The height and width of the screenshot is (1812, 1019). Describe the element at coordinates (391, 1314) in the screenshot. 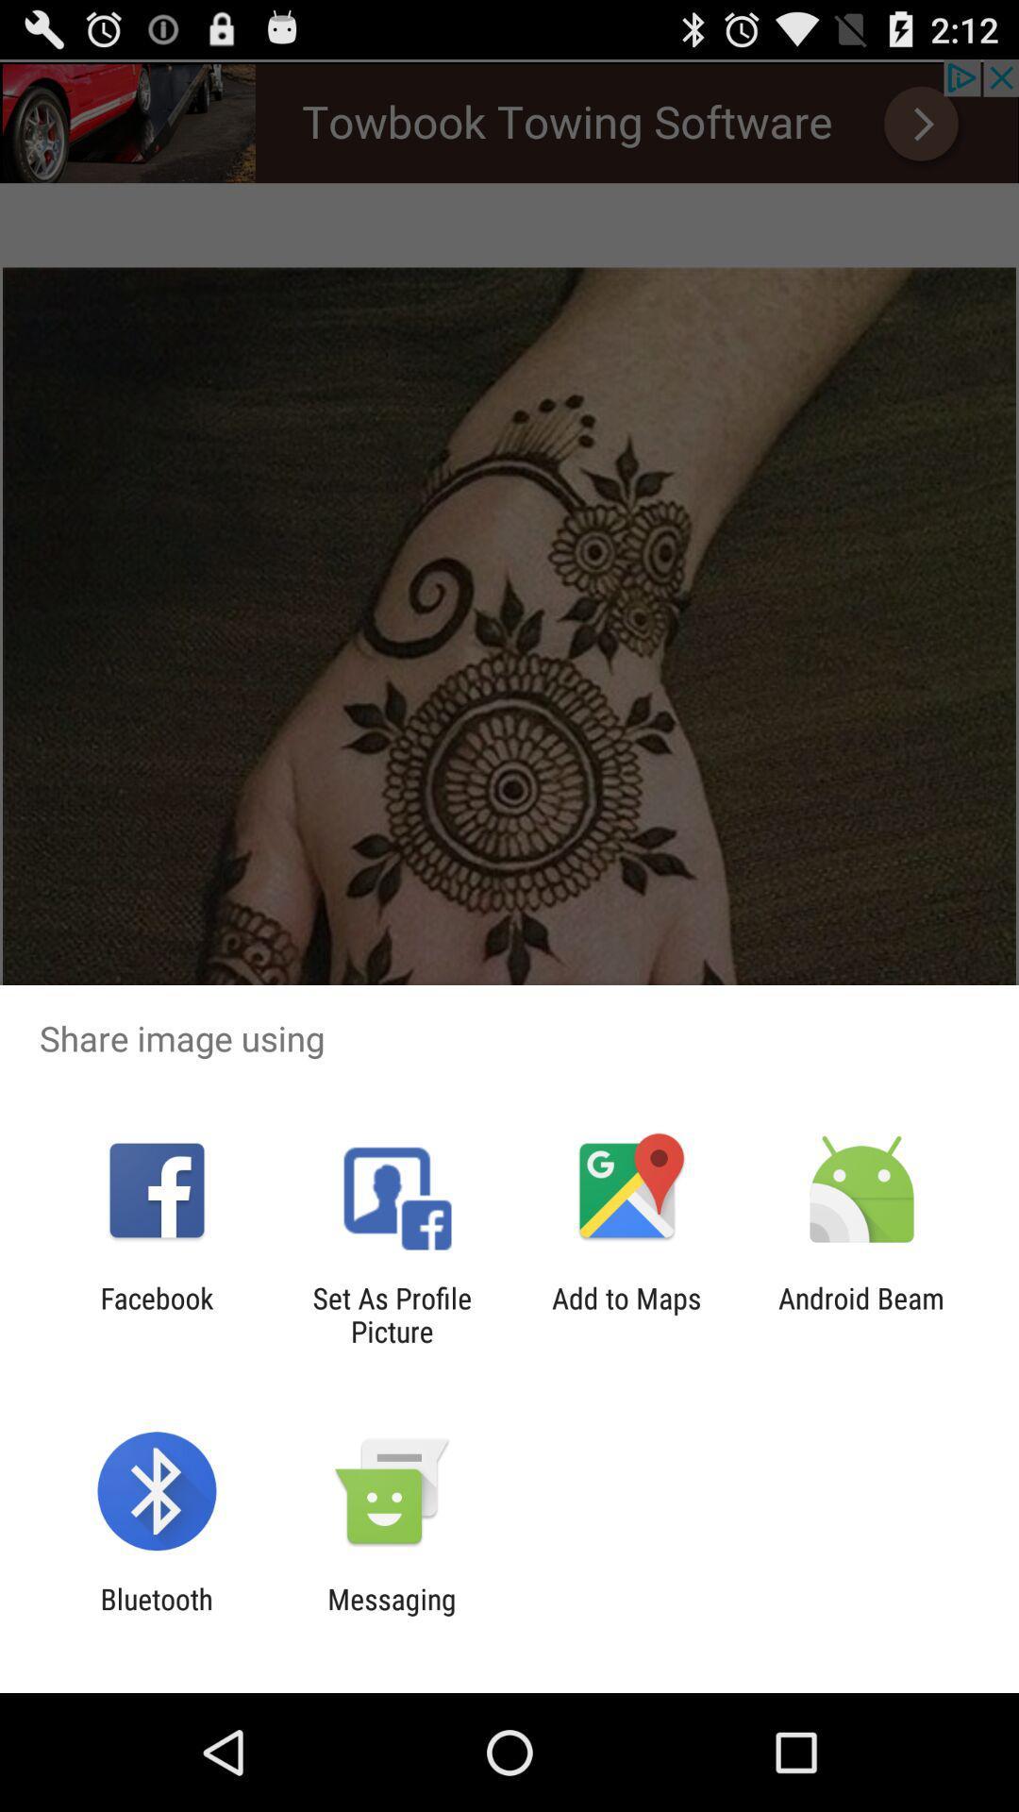

I see `the set as profile app` at that location.